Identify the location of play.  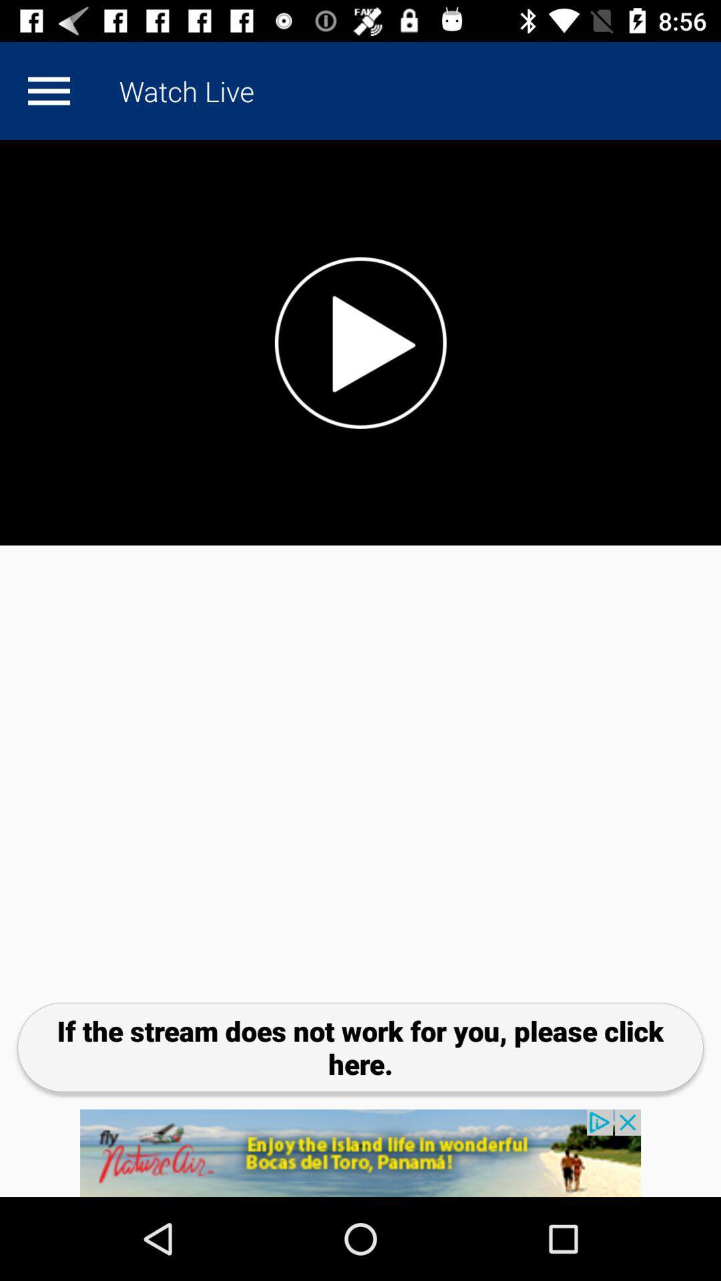
(360, 342).